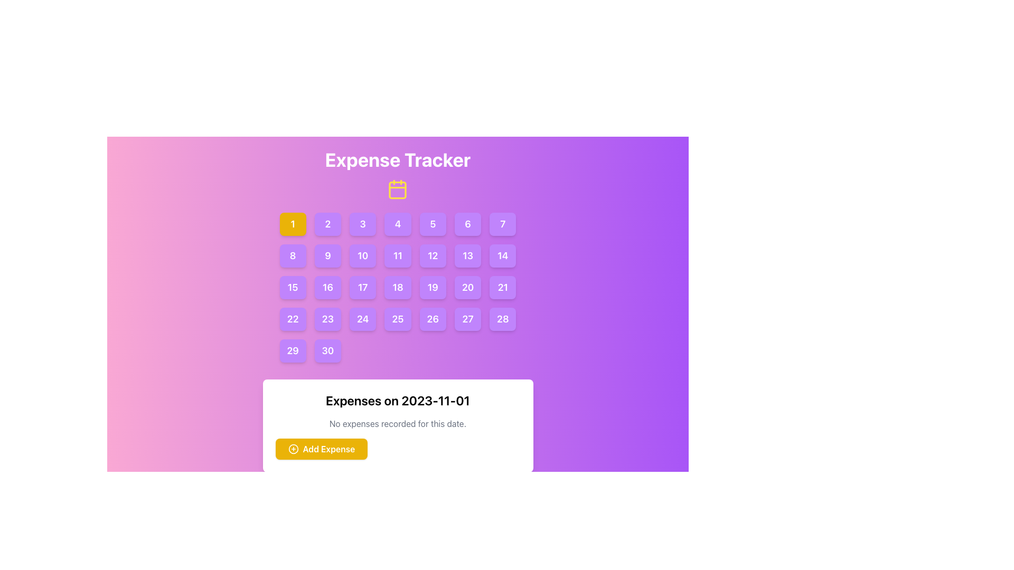  What do you see at coordinates (397, 256) in the screenshot?
I see `the purple rounded rectangular button displaying '11' in bold white text, located in the fourth row and third column of the button grid` at bounding box center [397, 256].